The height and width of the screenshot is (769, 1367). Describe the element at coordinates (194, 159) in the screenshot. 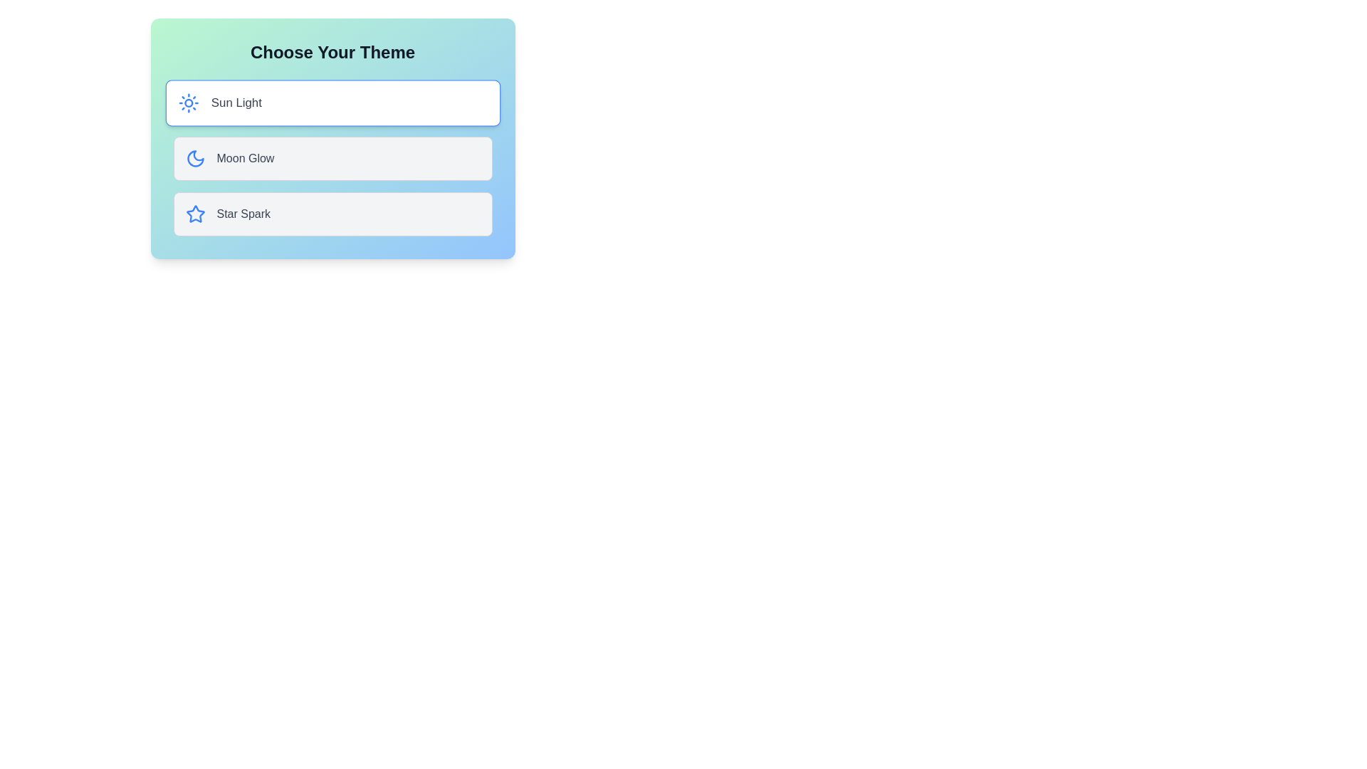

I see `the moon icon representing the 'Moon Glow' theme option, which is the second item in the 'Choose Your Theme' list` at that location.